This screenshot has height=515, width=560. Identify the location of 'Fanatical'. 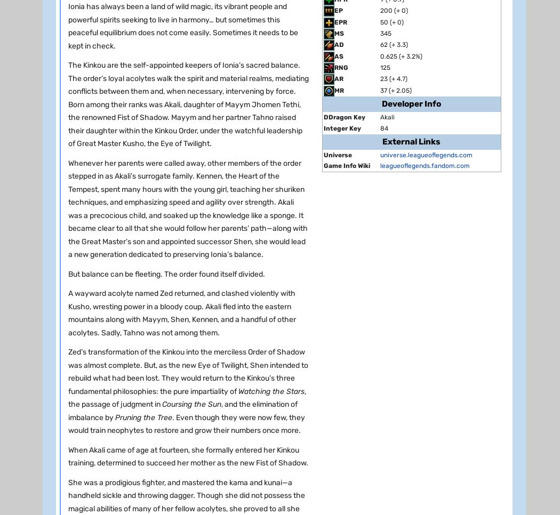
(389, 390).